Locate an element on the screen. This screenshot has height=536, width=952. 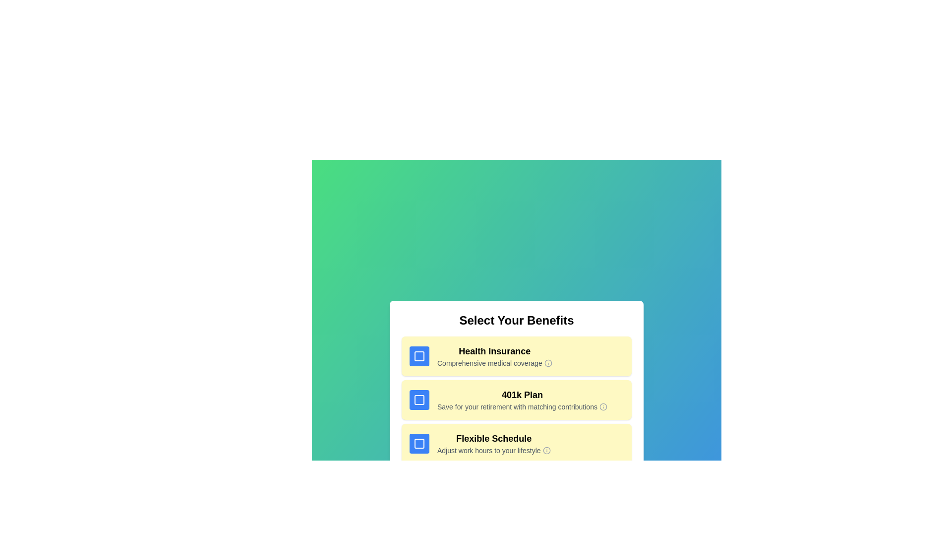
the benefit item corresponding to 401k Plan is located at coordinates (516, 400).